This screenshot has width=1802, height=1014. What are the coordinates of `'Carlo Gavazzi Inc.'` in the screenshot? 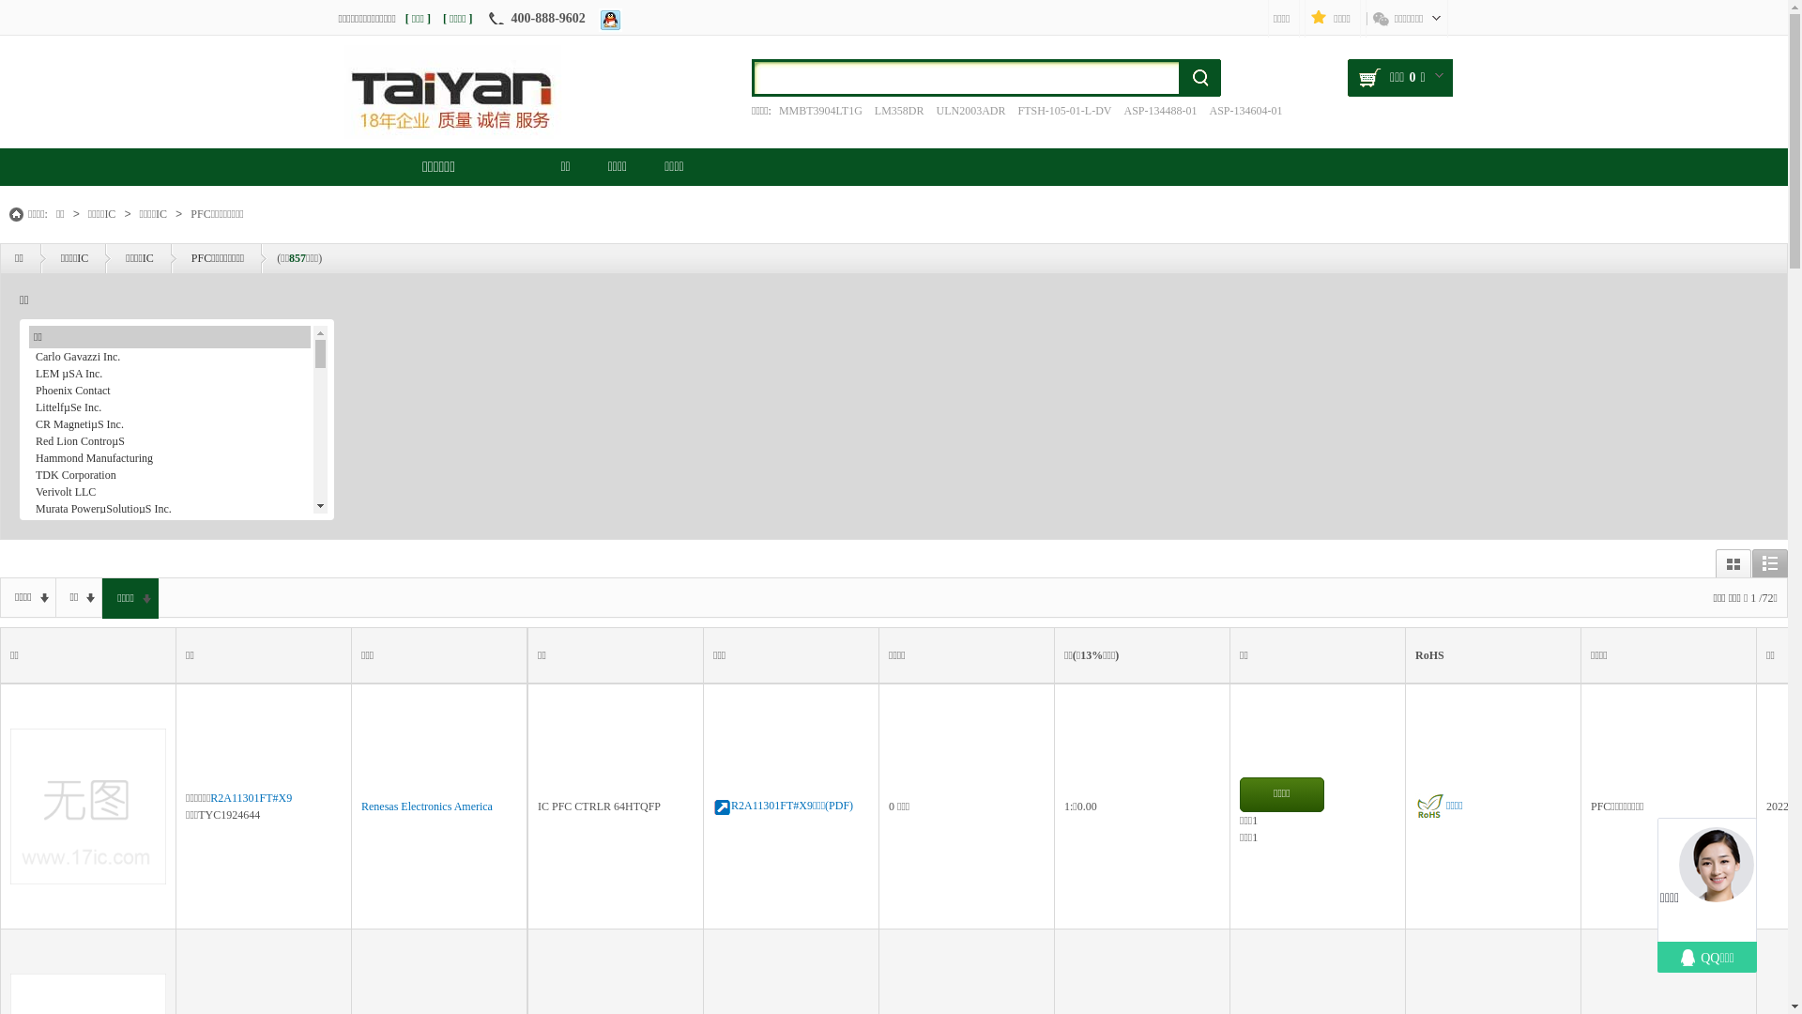 It's located at (170, 357).